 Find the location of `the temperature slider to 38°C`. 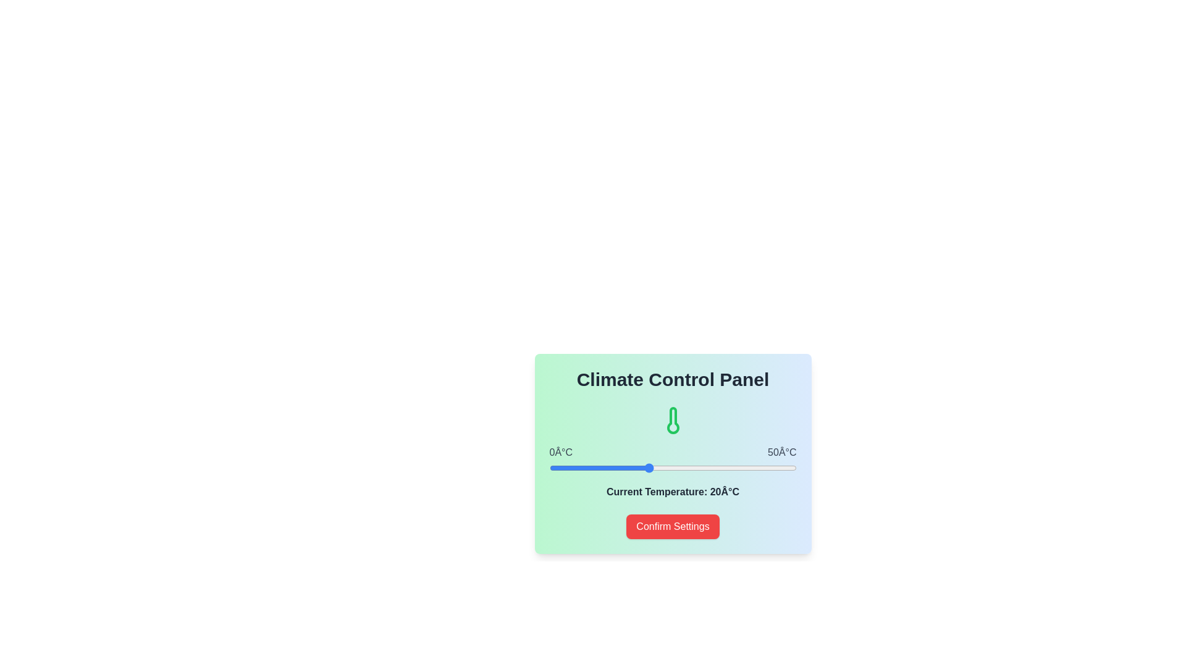

the temperature slider to 38°C is located at coordinates (737, 468).